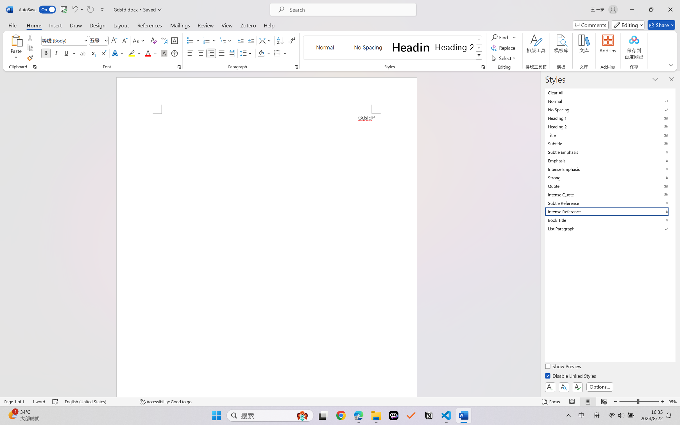  What do you see at coordinates (571, 376) in the screenshot?
I see `'Disable Linked Styles'` at bounding box center [571, 376].